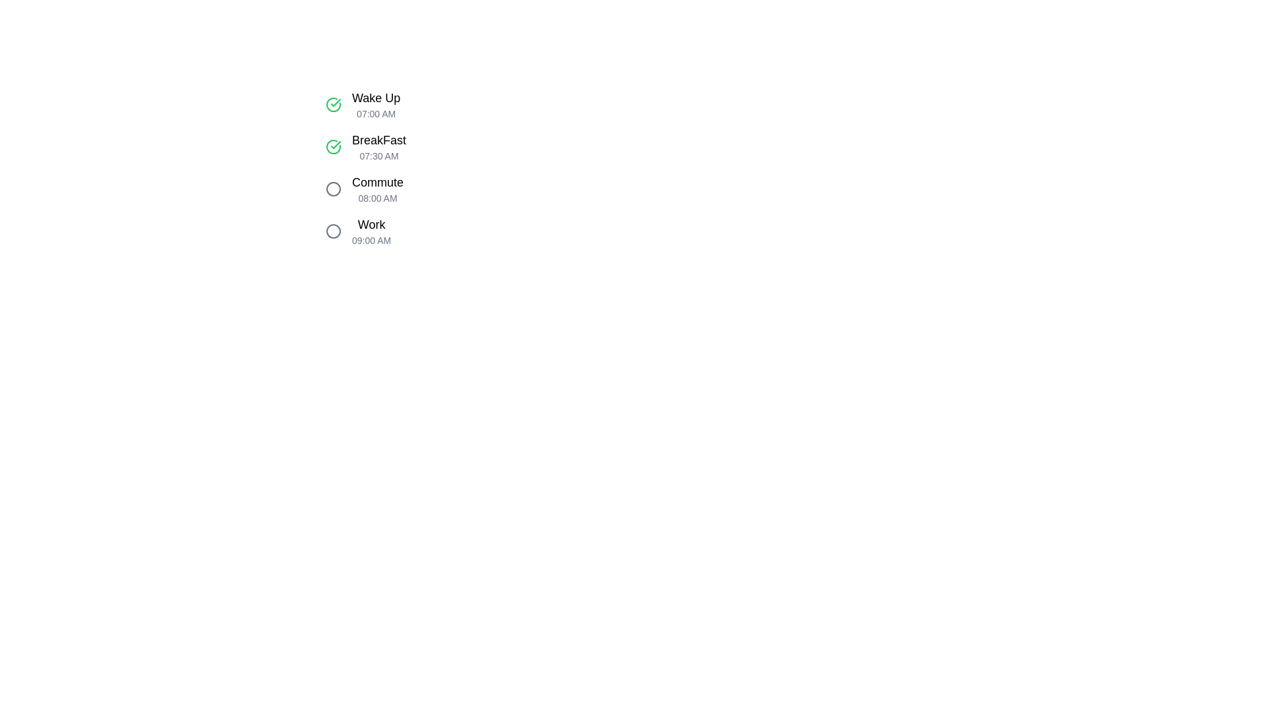  What do you see at coordinates (371, 223) in the screenshot?
I see `the Text label that displays the description for the 'Work' task scheduled at '09:00 AM', located near the bottom of a vertical list` at bounding box center [371, 223].